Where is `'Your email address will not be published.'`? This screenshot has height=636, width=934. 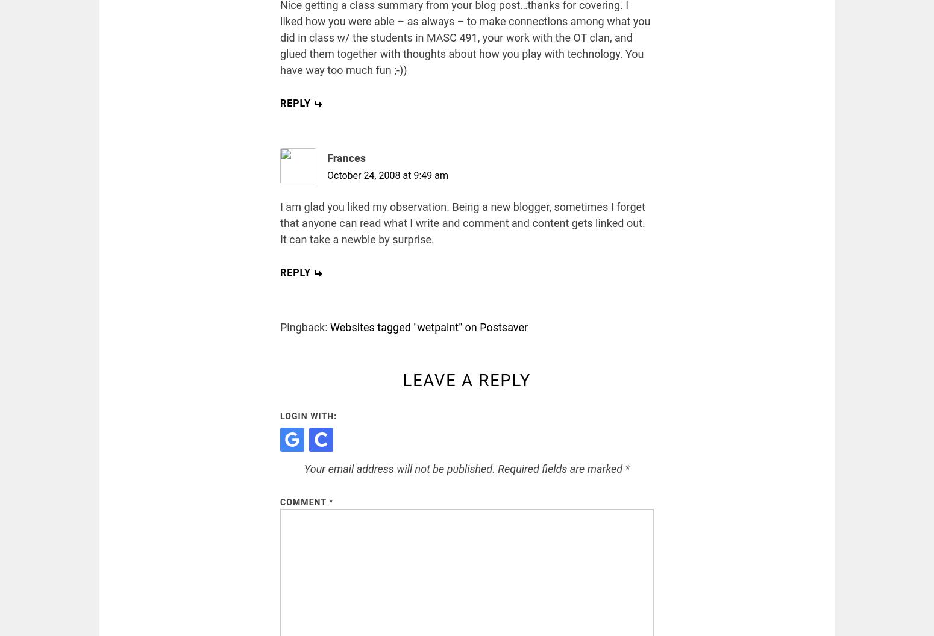 'Your email address will not be published.' is located at coordinates (398, 468).